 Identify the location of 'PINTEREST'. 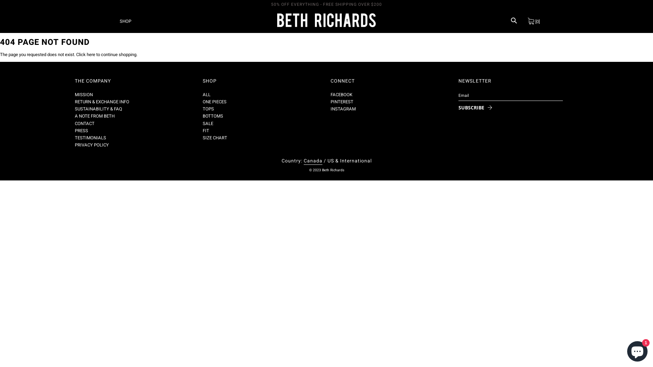
(342, 102).